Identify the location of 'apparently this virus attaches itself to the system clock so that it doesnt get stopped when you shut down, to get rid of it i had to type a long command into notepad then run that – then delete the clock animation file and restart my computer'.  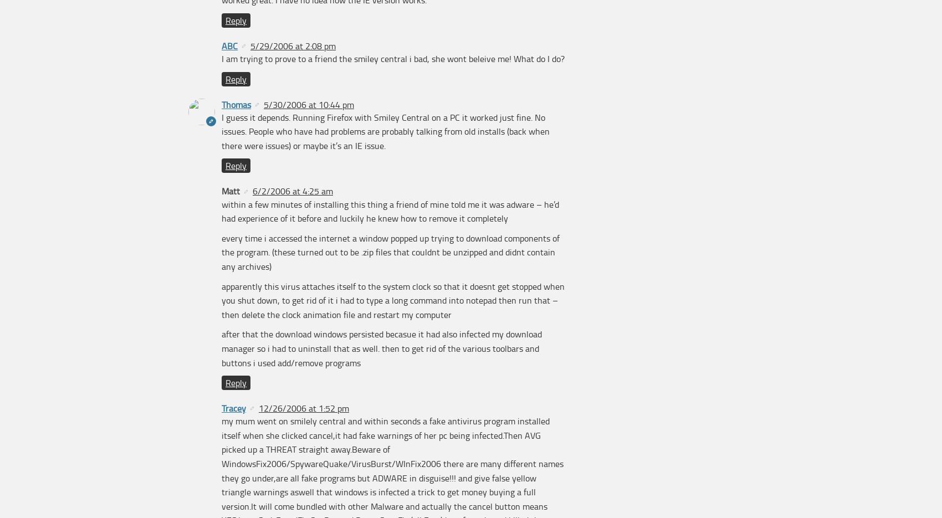
(393, 299).